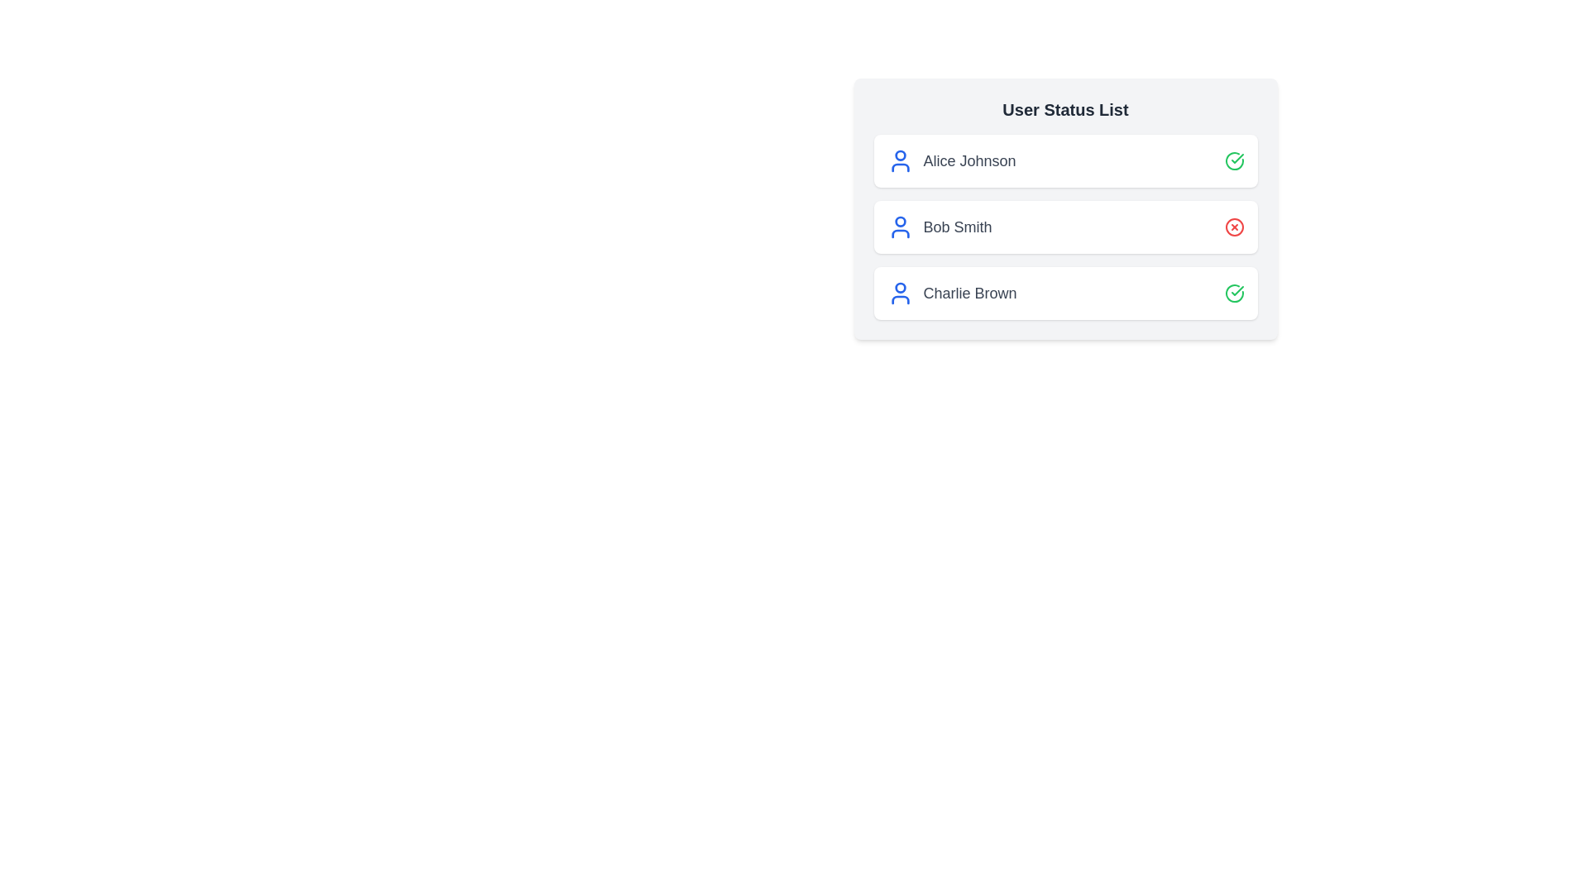  Describe the element at coordinates (899, 227) in the screenshot. I see `the user icon for Bob Smith to trigger additional actions` at that location.